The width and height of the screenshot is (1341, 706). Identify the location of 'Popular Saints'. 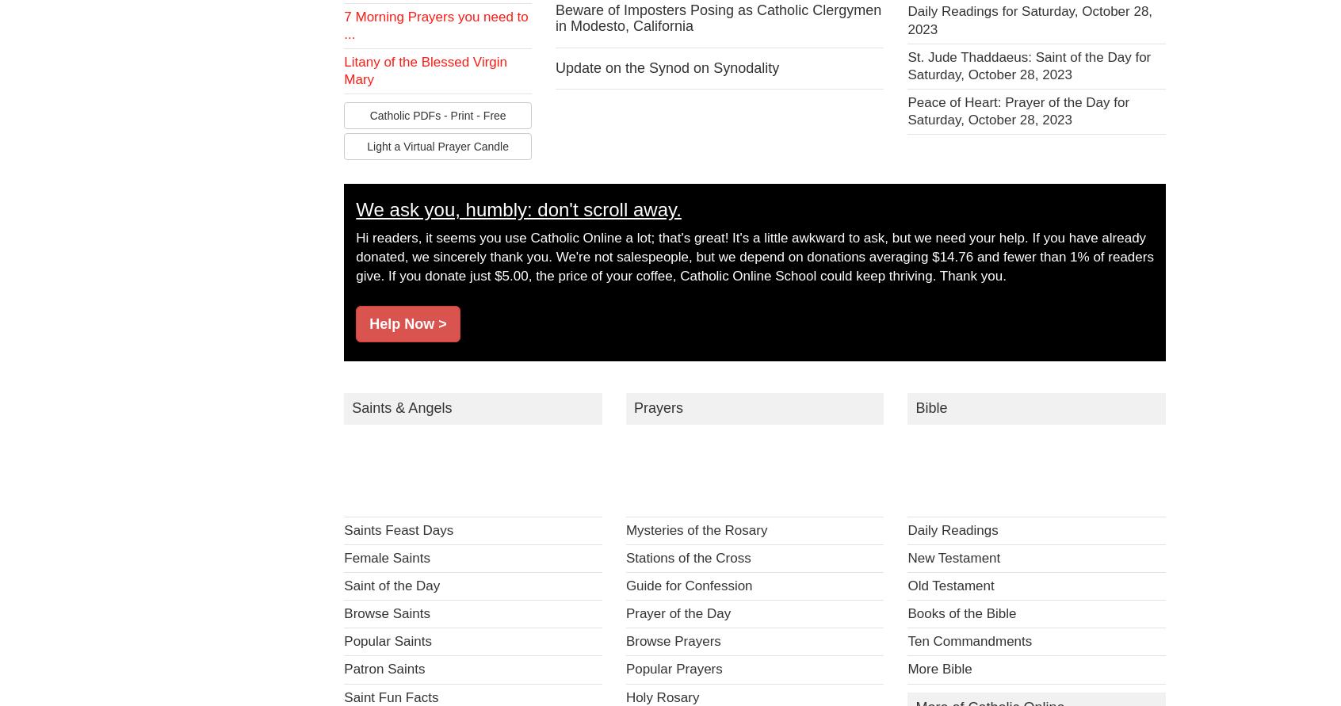
(386, 640).